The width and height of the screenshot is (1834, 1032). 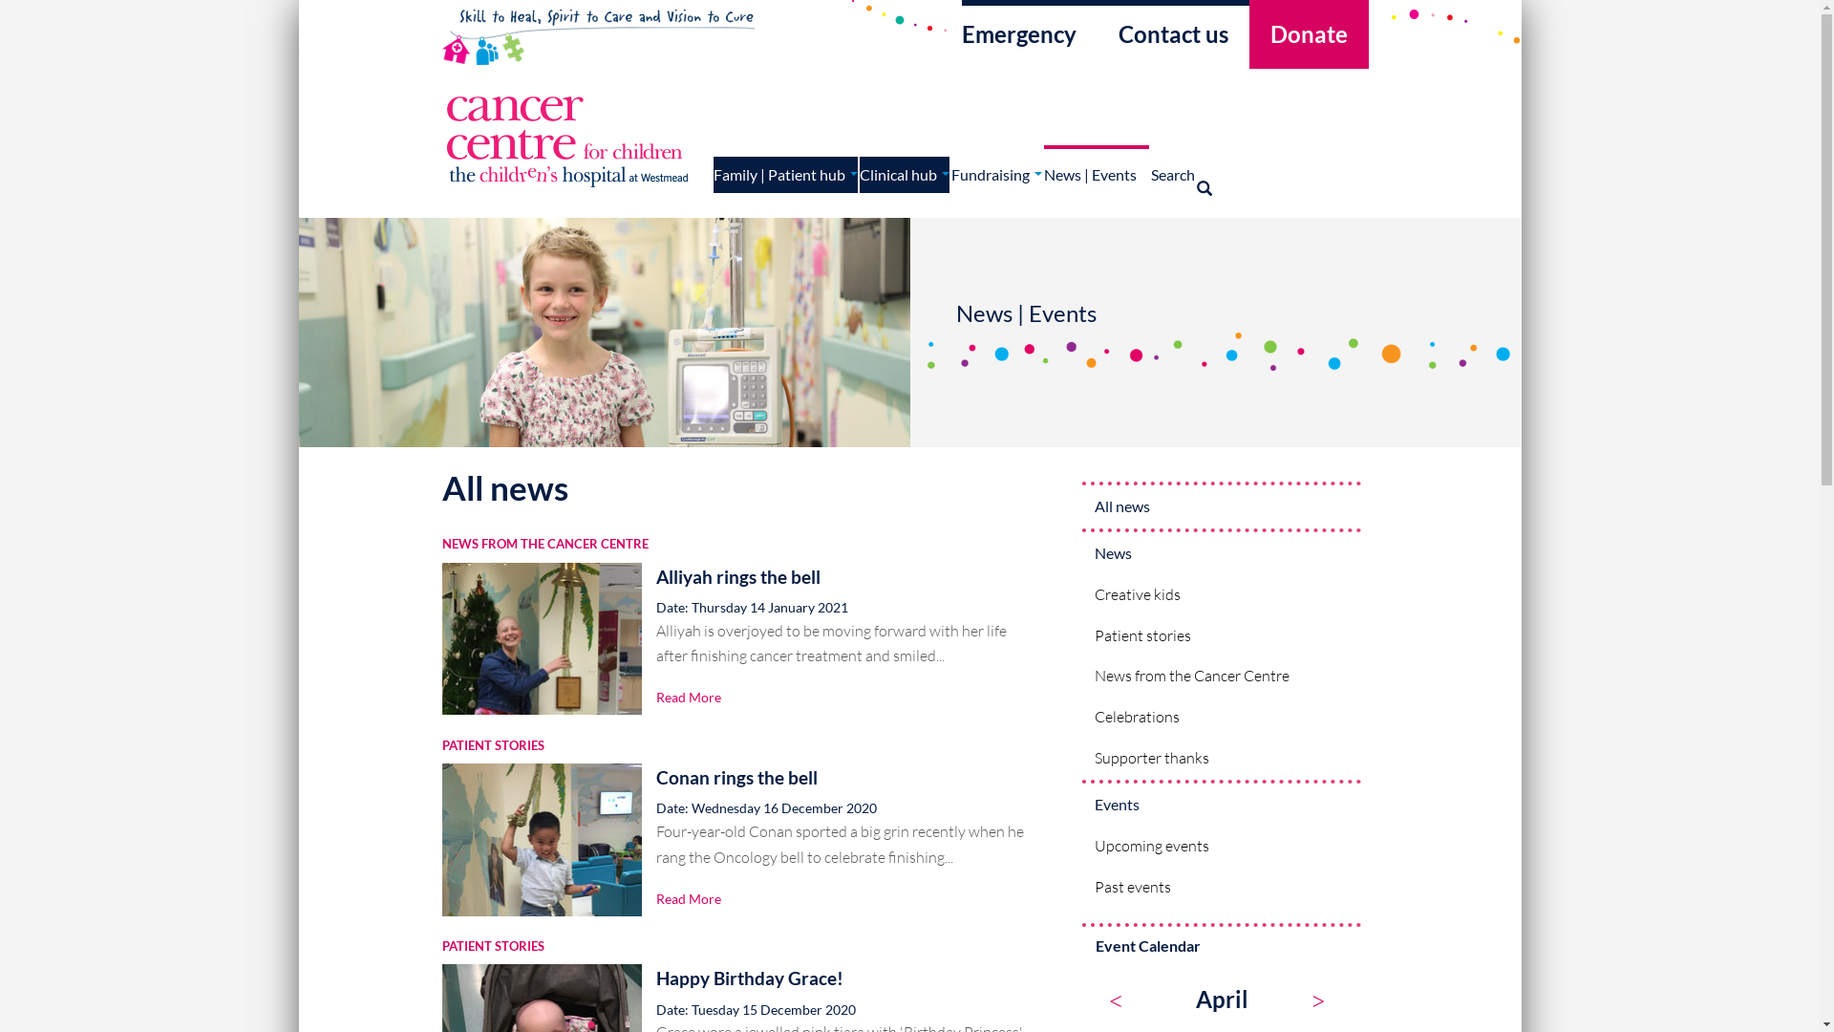 What do you see at coordinates (439, 544) in the screenshot?
I see `'NEWS FROM THE CANCER CENTRE'` at bounding box center [439, 544].